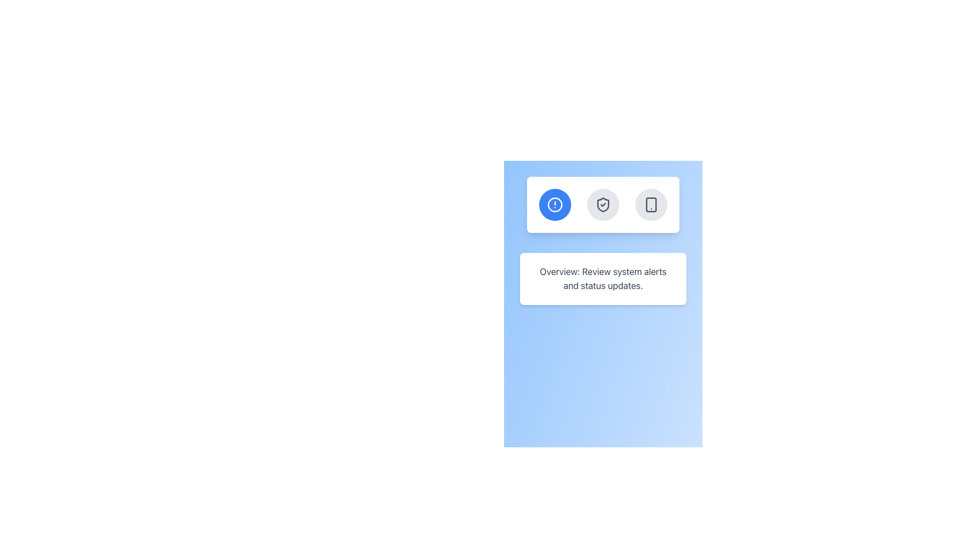 This screenshot has height=541, width=962. I want to click on the alert or notification indicator icon, which is the first icon in a group of three circular icons located in the top half of the interface, so click(555, 204).